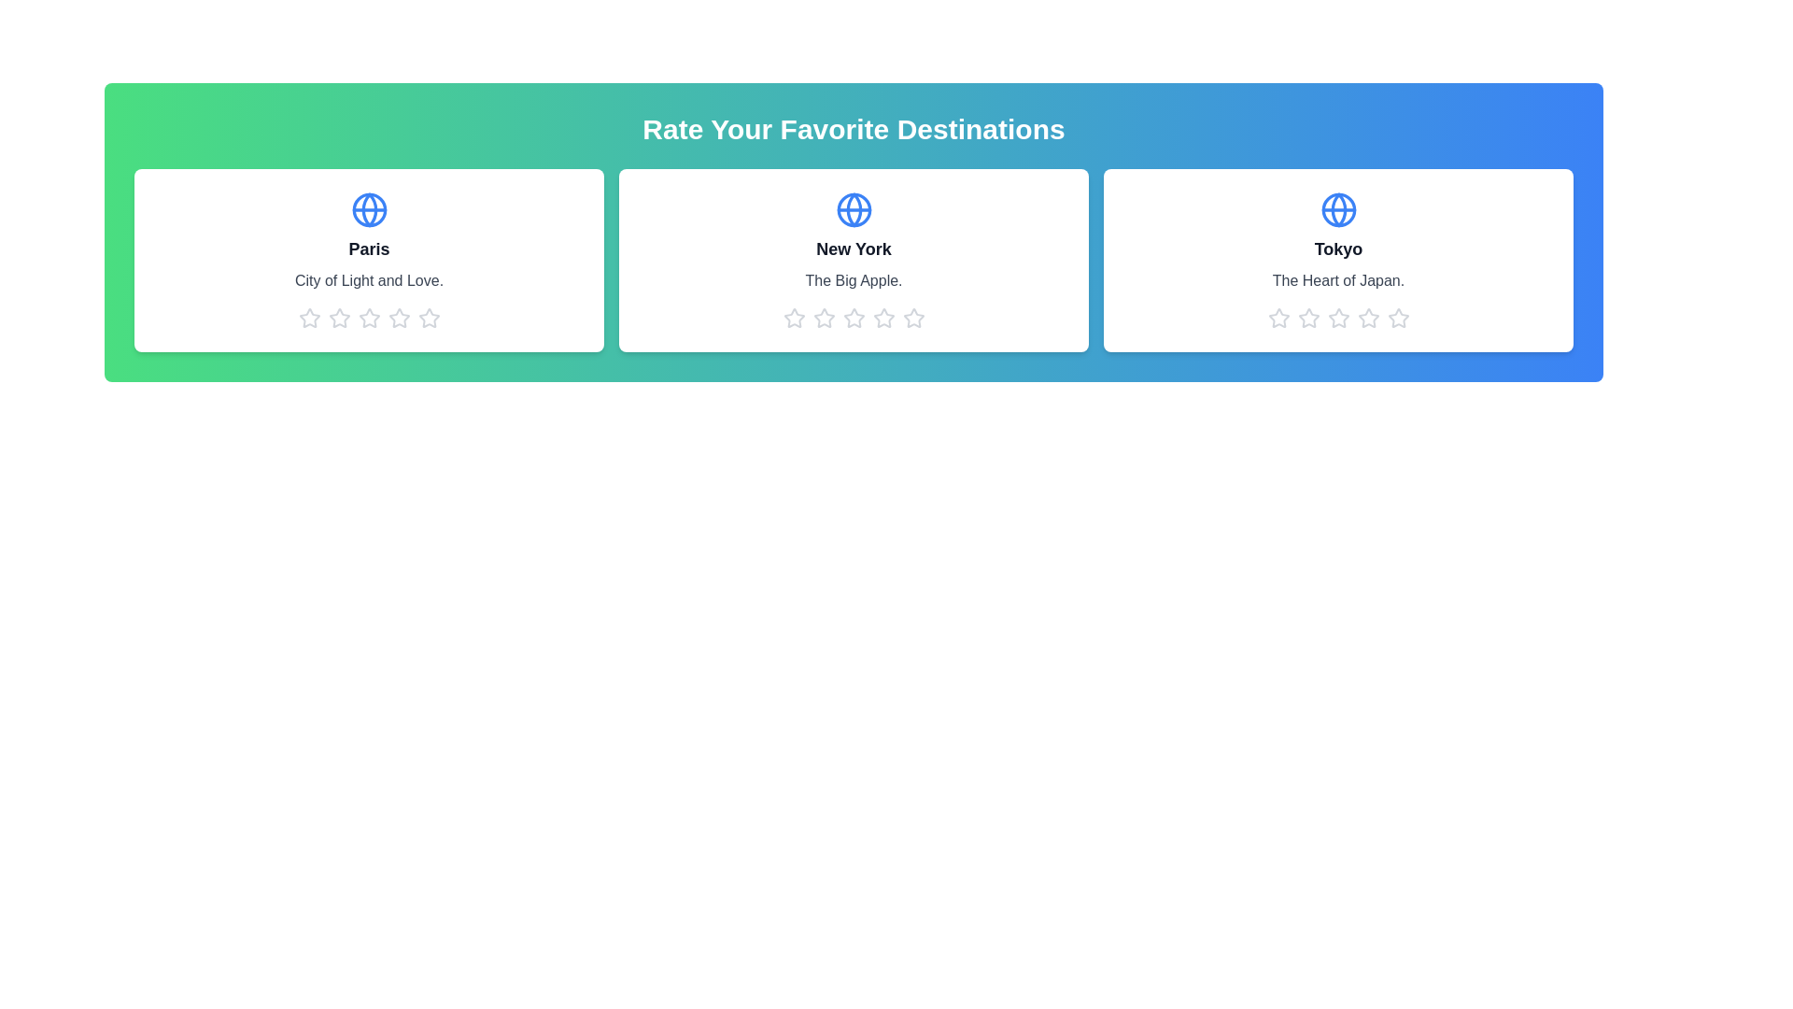 The width and height of the screenshot is (1793, 1009). What do you see at coordinates (398, 317) in the screenshot?
I see `the 4 star icon for the destination Paris` at bounding box center [398, 317].